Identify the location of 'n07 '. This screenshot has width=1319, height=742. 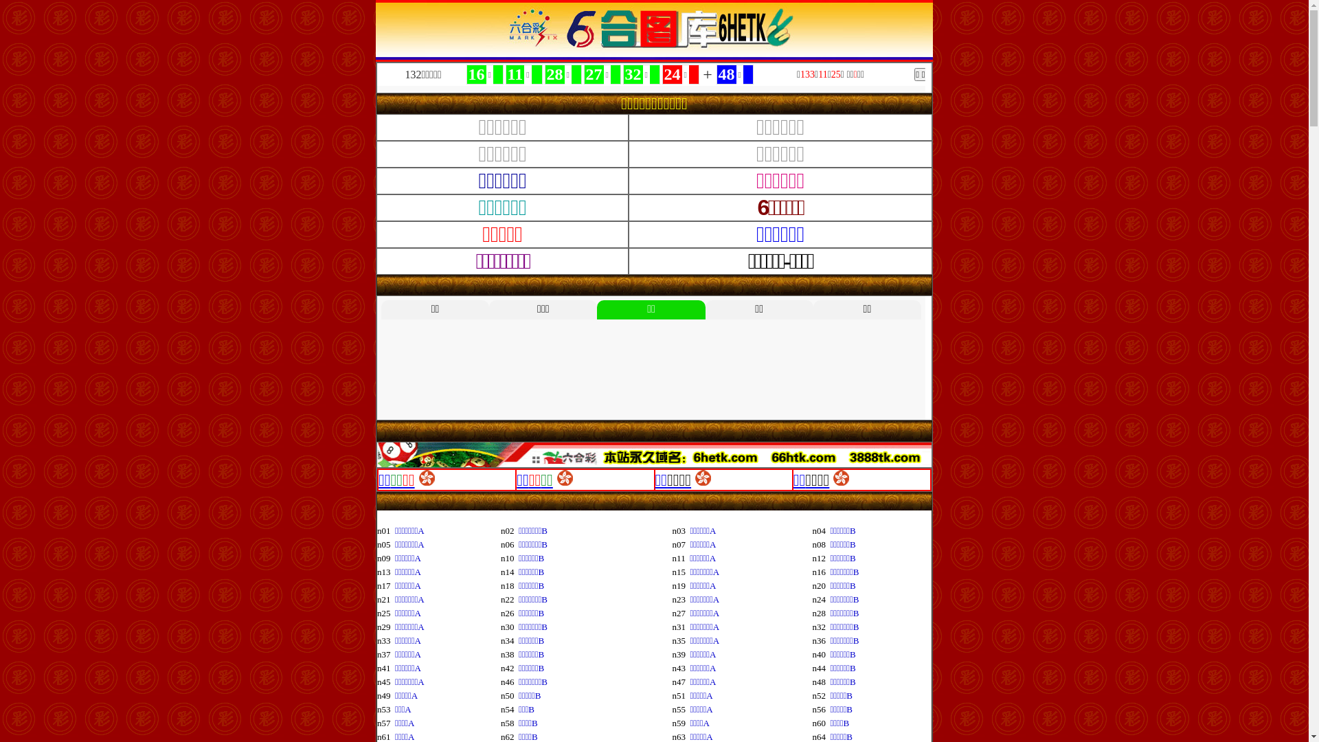
(681, 543).